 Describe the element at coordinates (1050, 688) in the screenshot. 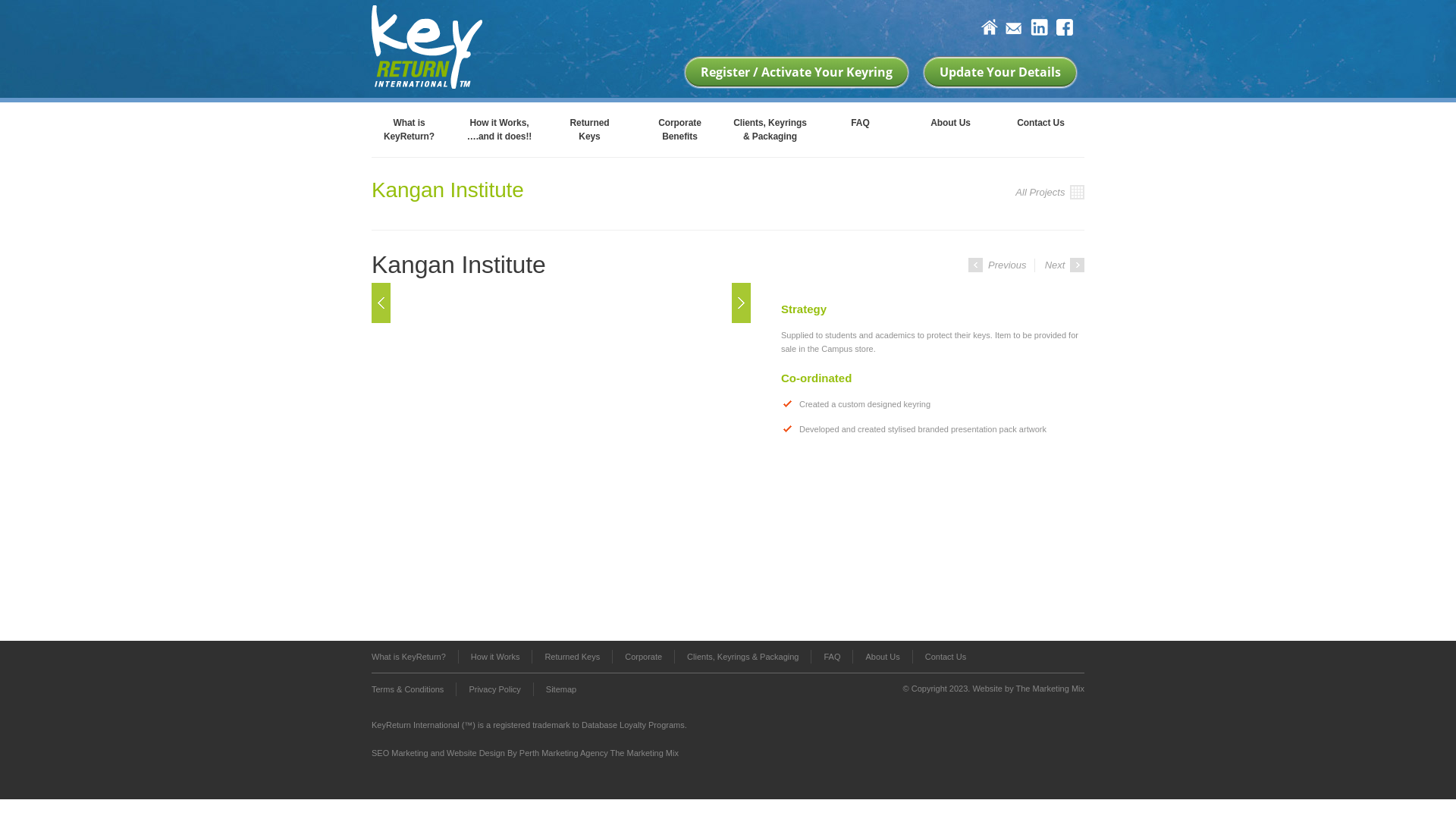

I see `'The Marketing Mix'` at that location.